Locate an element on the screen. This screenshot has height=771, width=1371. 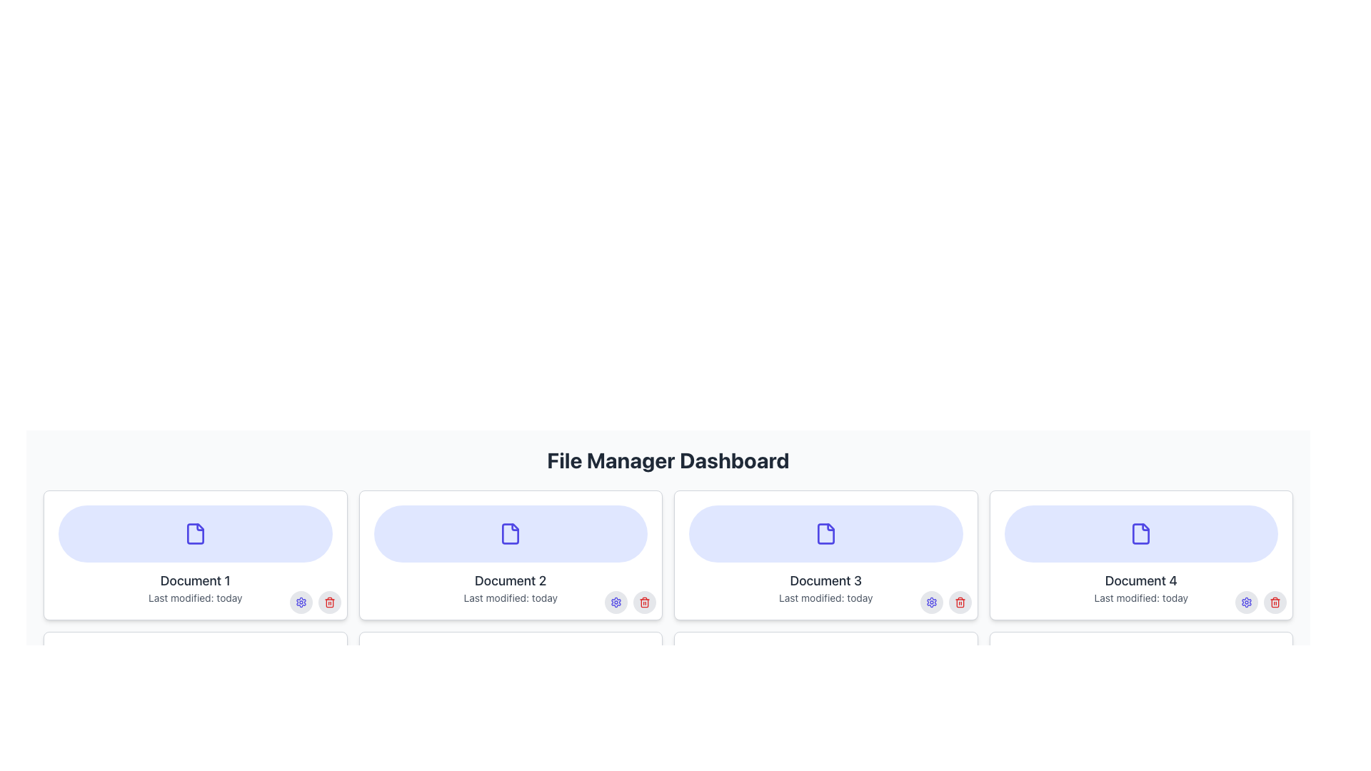
the settings button for 'Document 3' is located at coordinates (931, 603).